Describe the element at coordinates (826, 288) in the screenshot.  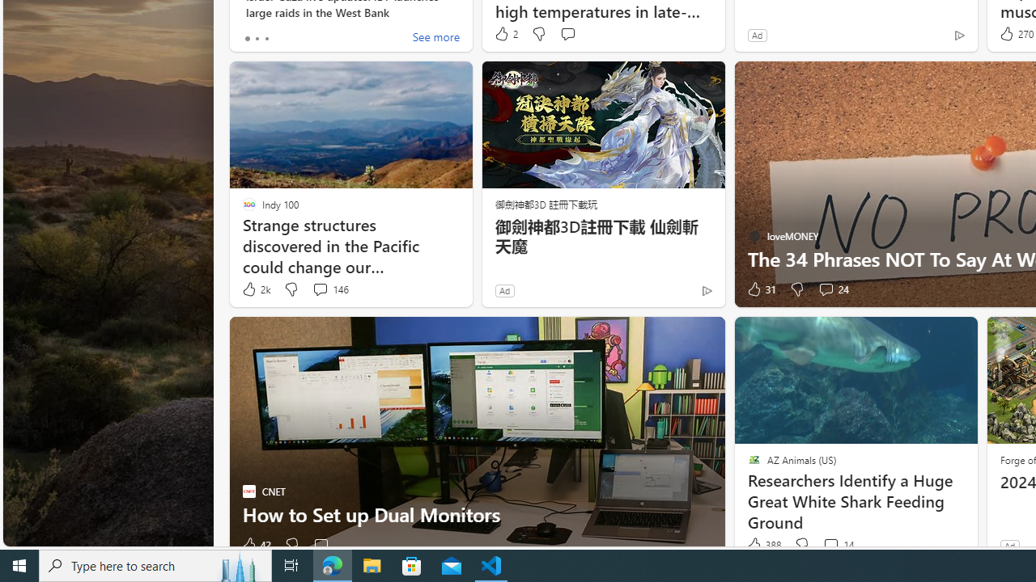
I see `'View comments 24 Comment'` at that location.